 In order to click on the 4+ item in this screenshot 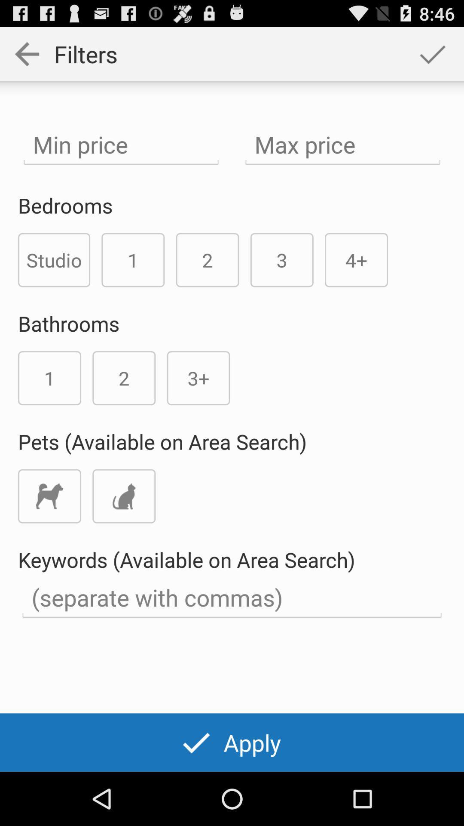, I will do `click(356, 259)`.